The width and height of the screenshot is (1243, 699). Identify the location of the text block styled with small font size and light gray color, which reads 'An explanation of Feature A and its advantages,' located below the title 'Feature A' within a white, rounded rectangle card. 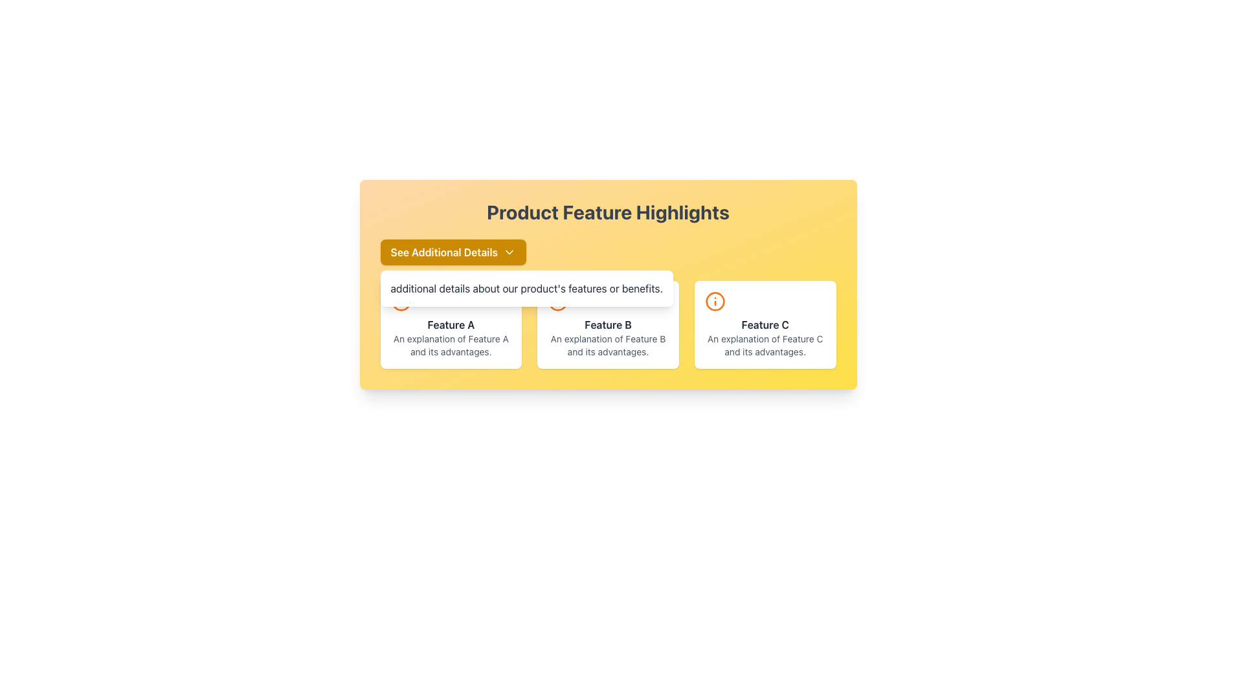
(451, 344).